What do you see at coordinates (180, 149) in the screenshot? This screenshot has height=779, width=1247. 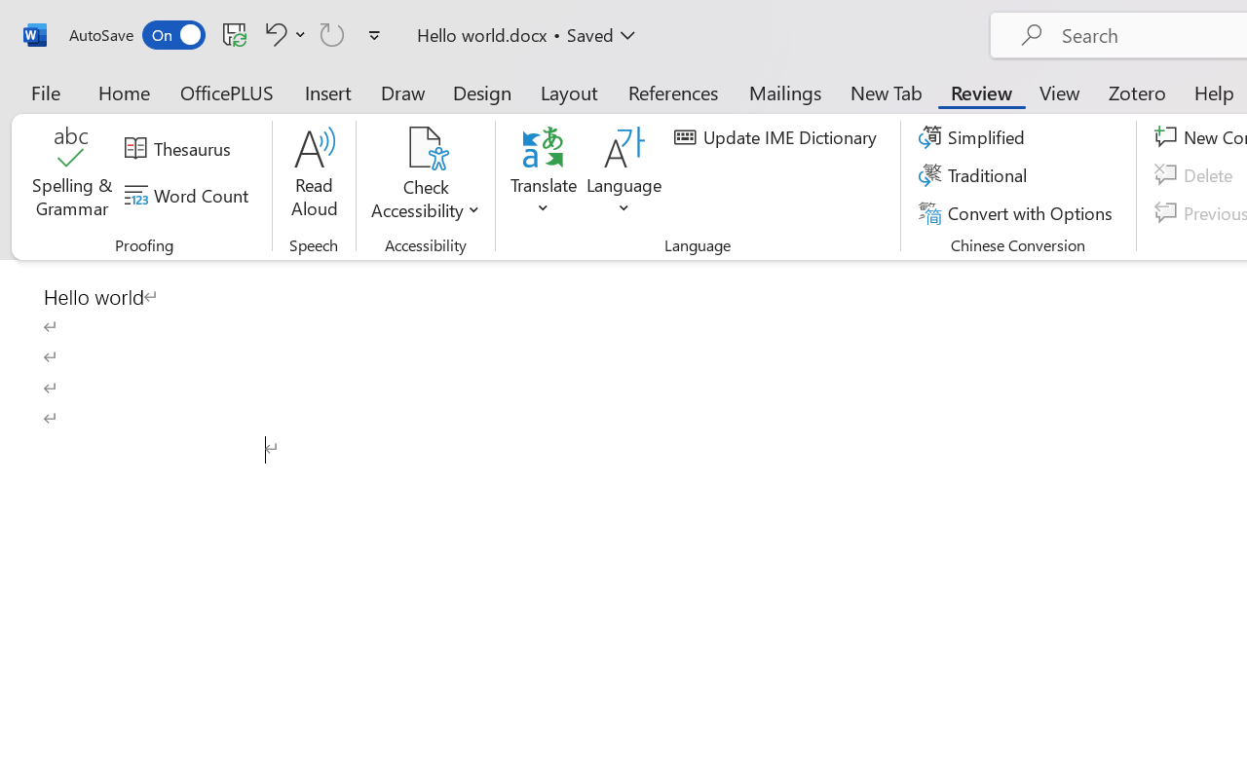 I see `'Thesaurus...'` at bounding box center [180, 149].